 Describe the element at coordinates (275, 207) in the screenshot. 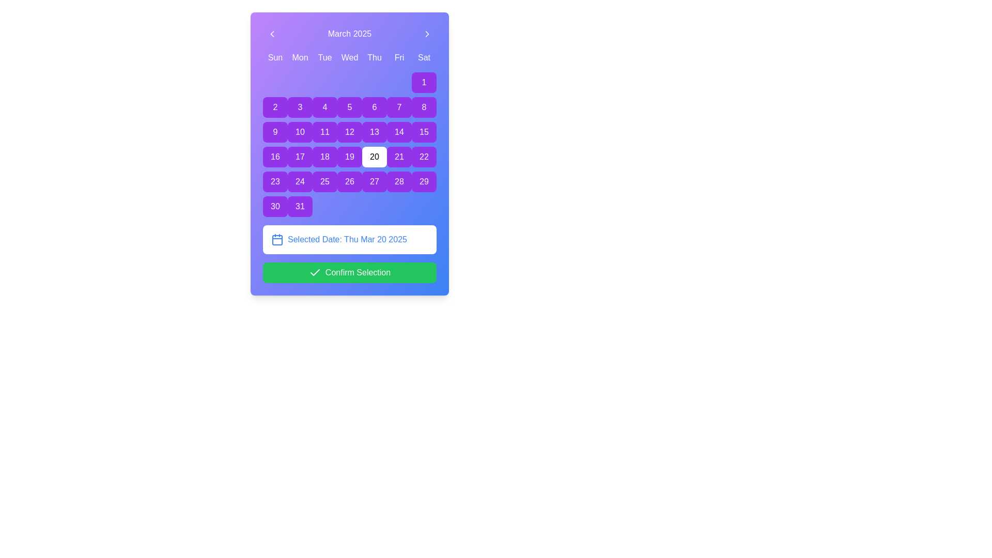

I see `the button labeled '30' with a purple background and white text` at that location.